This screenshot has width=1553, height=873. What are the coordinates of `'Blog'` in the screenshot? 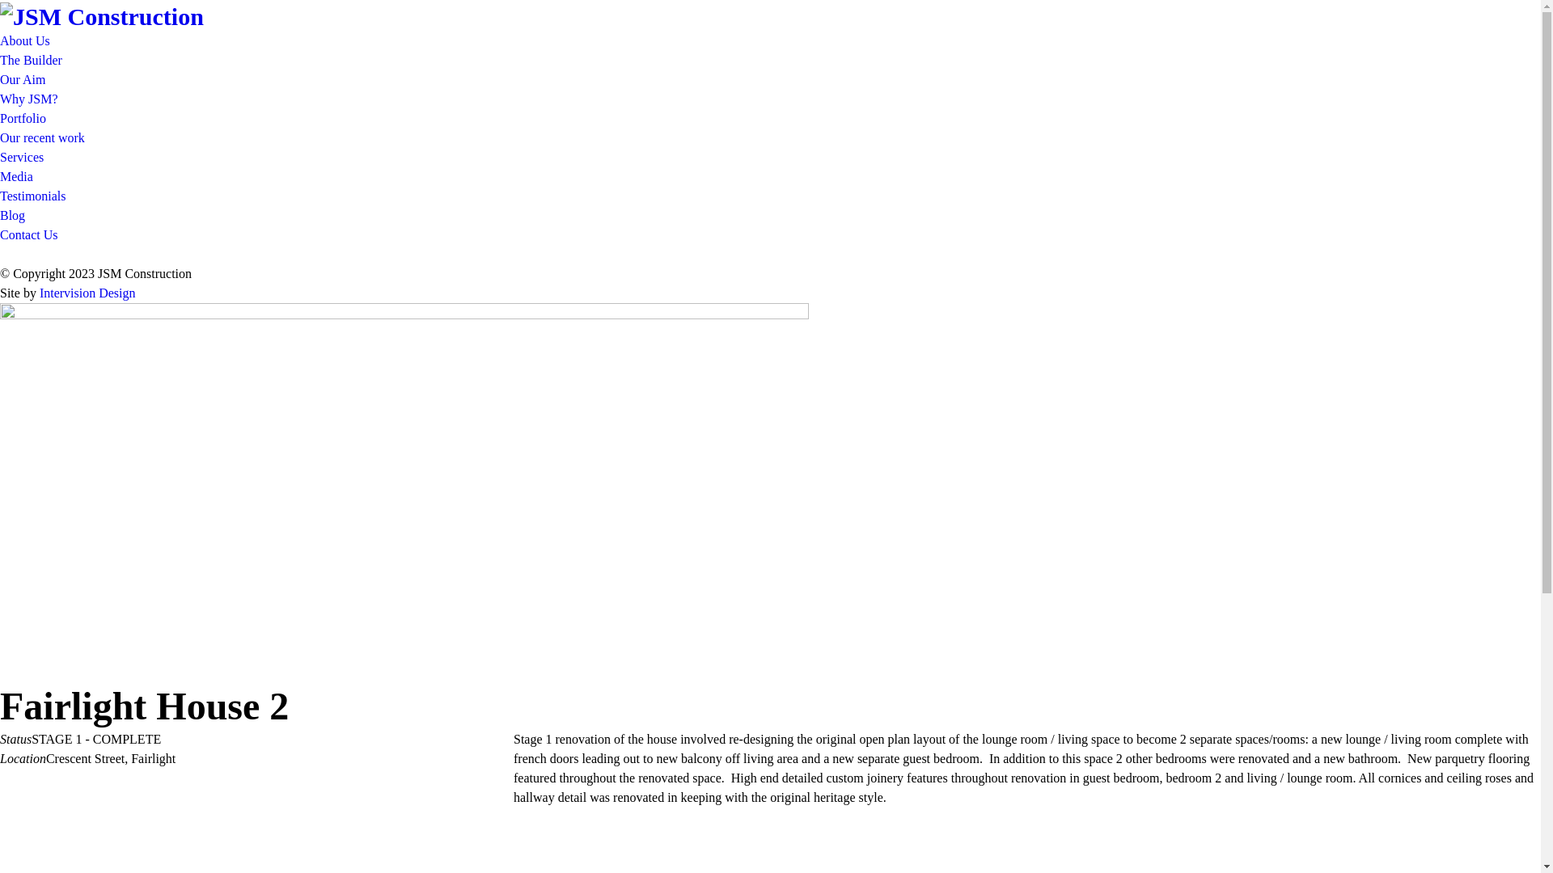 It's located at (12, 214).